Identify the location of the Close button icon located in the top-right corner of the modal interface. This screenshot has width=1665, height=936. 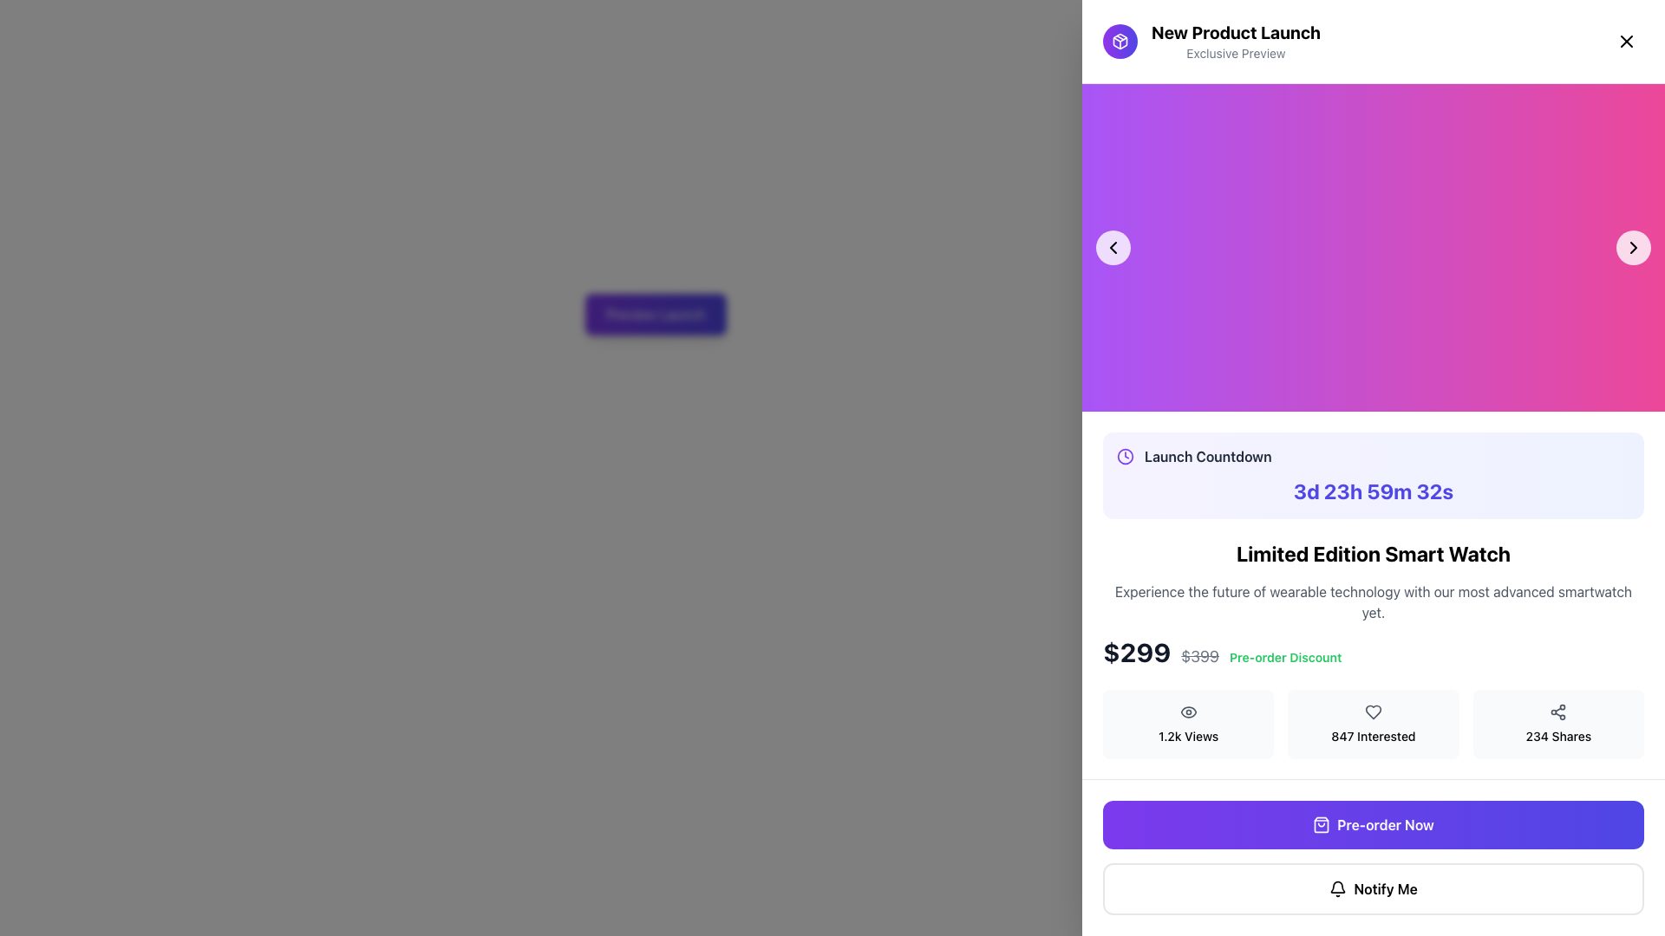
(1626, 40).